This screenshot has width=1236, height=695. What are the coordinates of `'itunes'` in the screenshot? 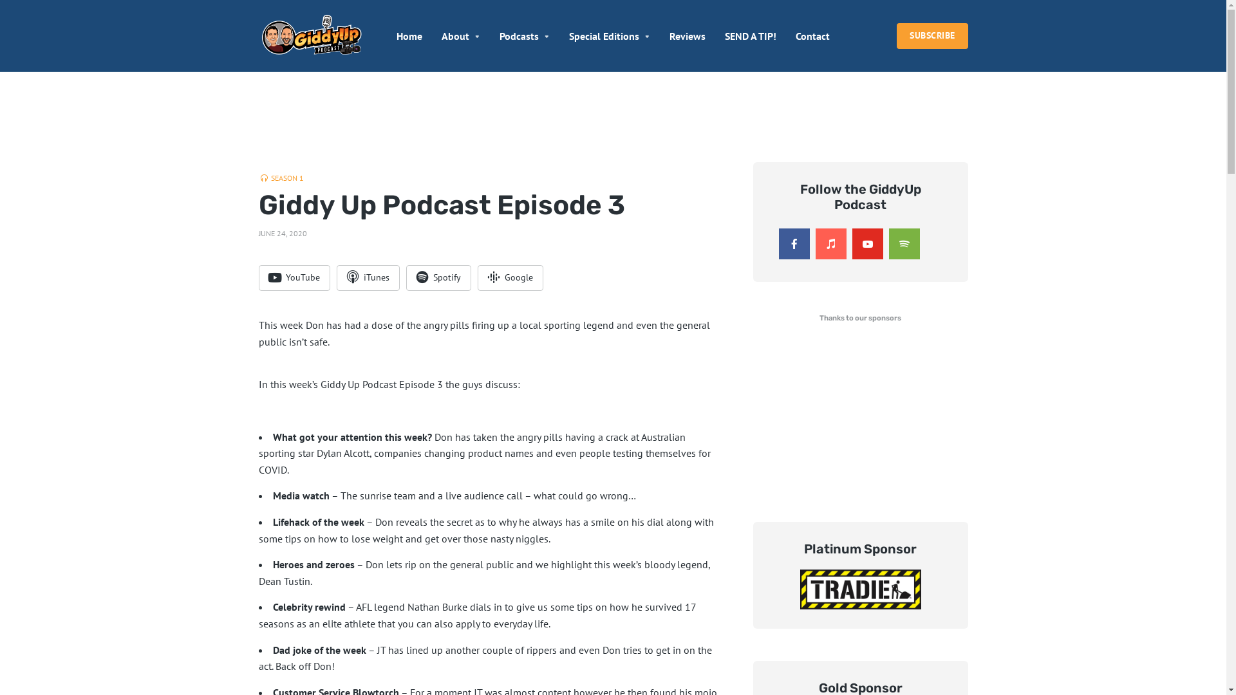 It's located at (830, 243).